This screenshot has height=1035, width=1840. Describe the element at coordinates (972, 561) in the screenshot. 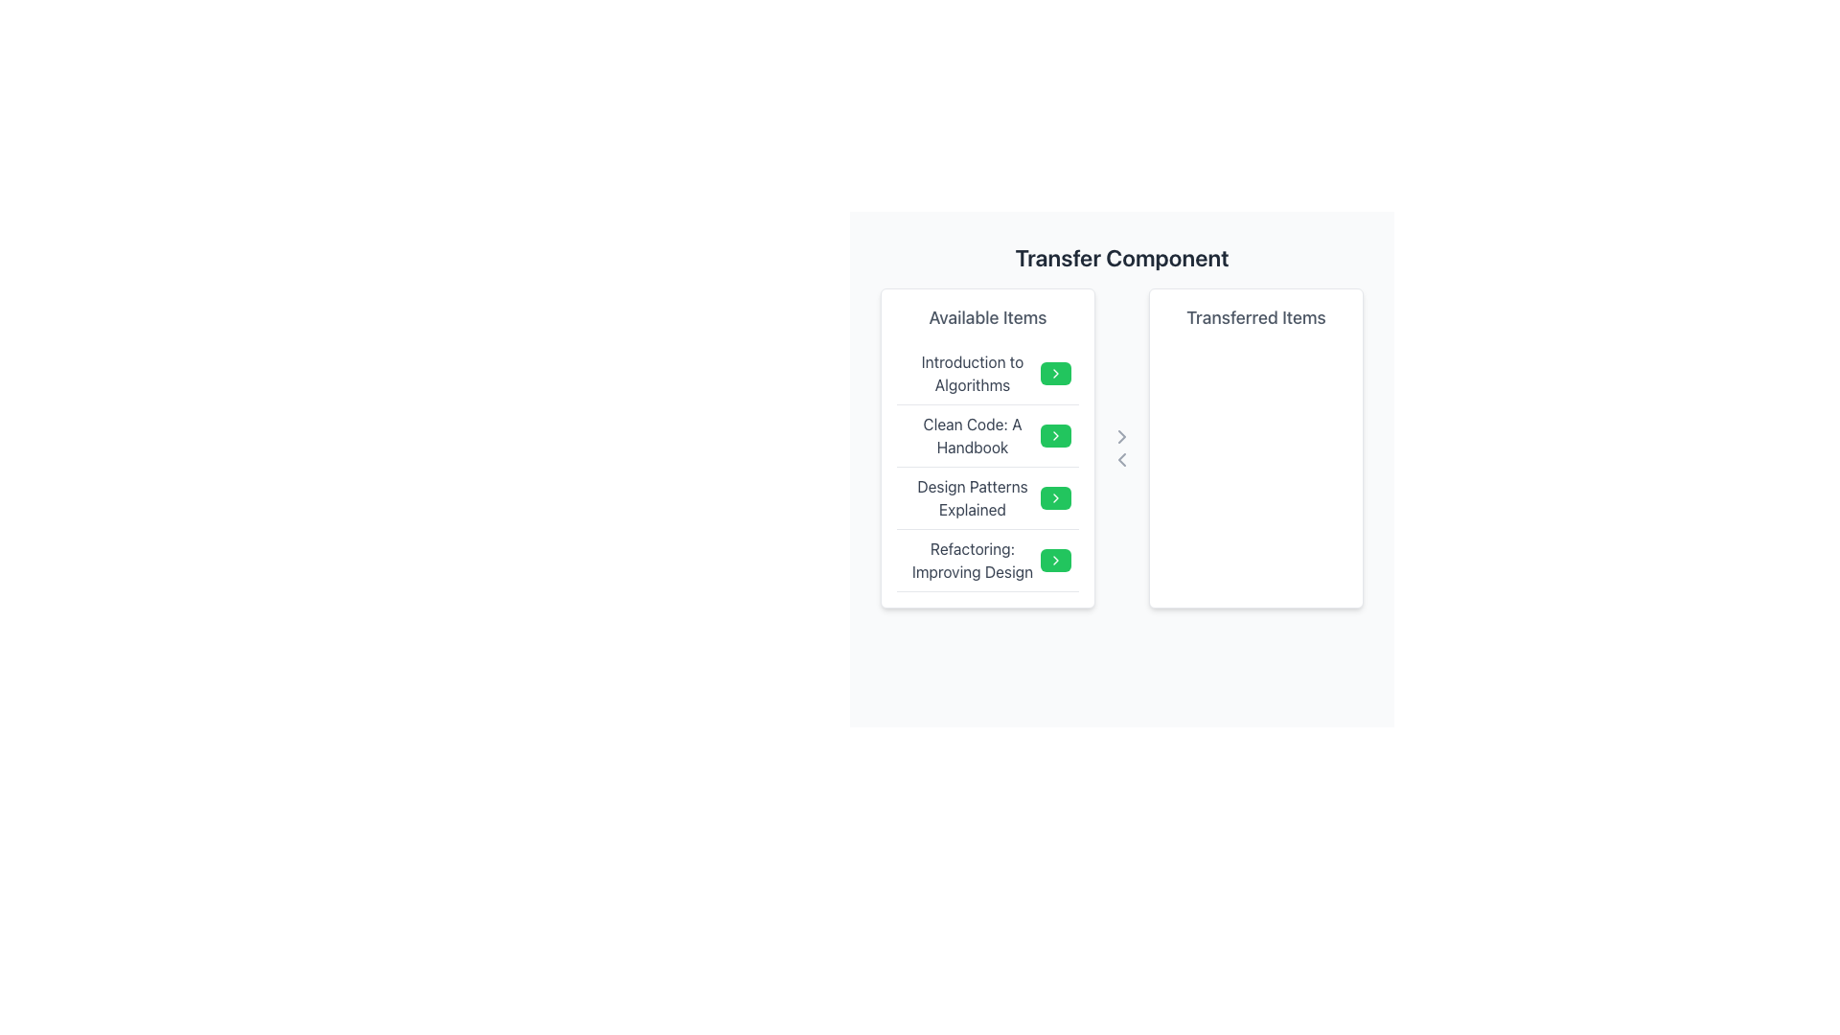

I see `the text label that identifies the fourth entry in the 'Available Items' list, located below 'Design Patterns Explained'` at that location.